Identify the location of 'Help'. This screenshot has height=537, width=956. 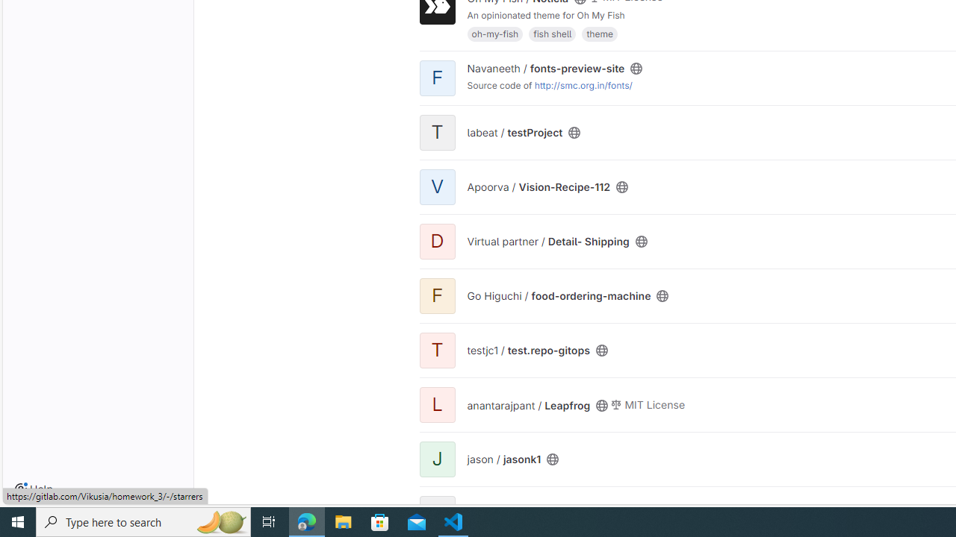
(34, 489).